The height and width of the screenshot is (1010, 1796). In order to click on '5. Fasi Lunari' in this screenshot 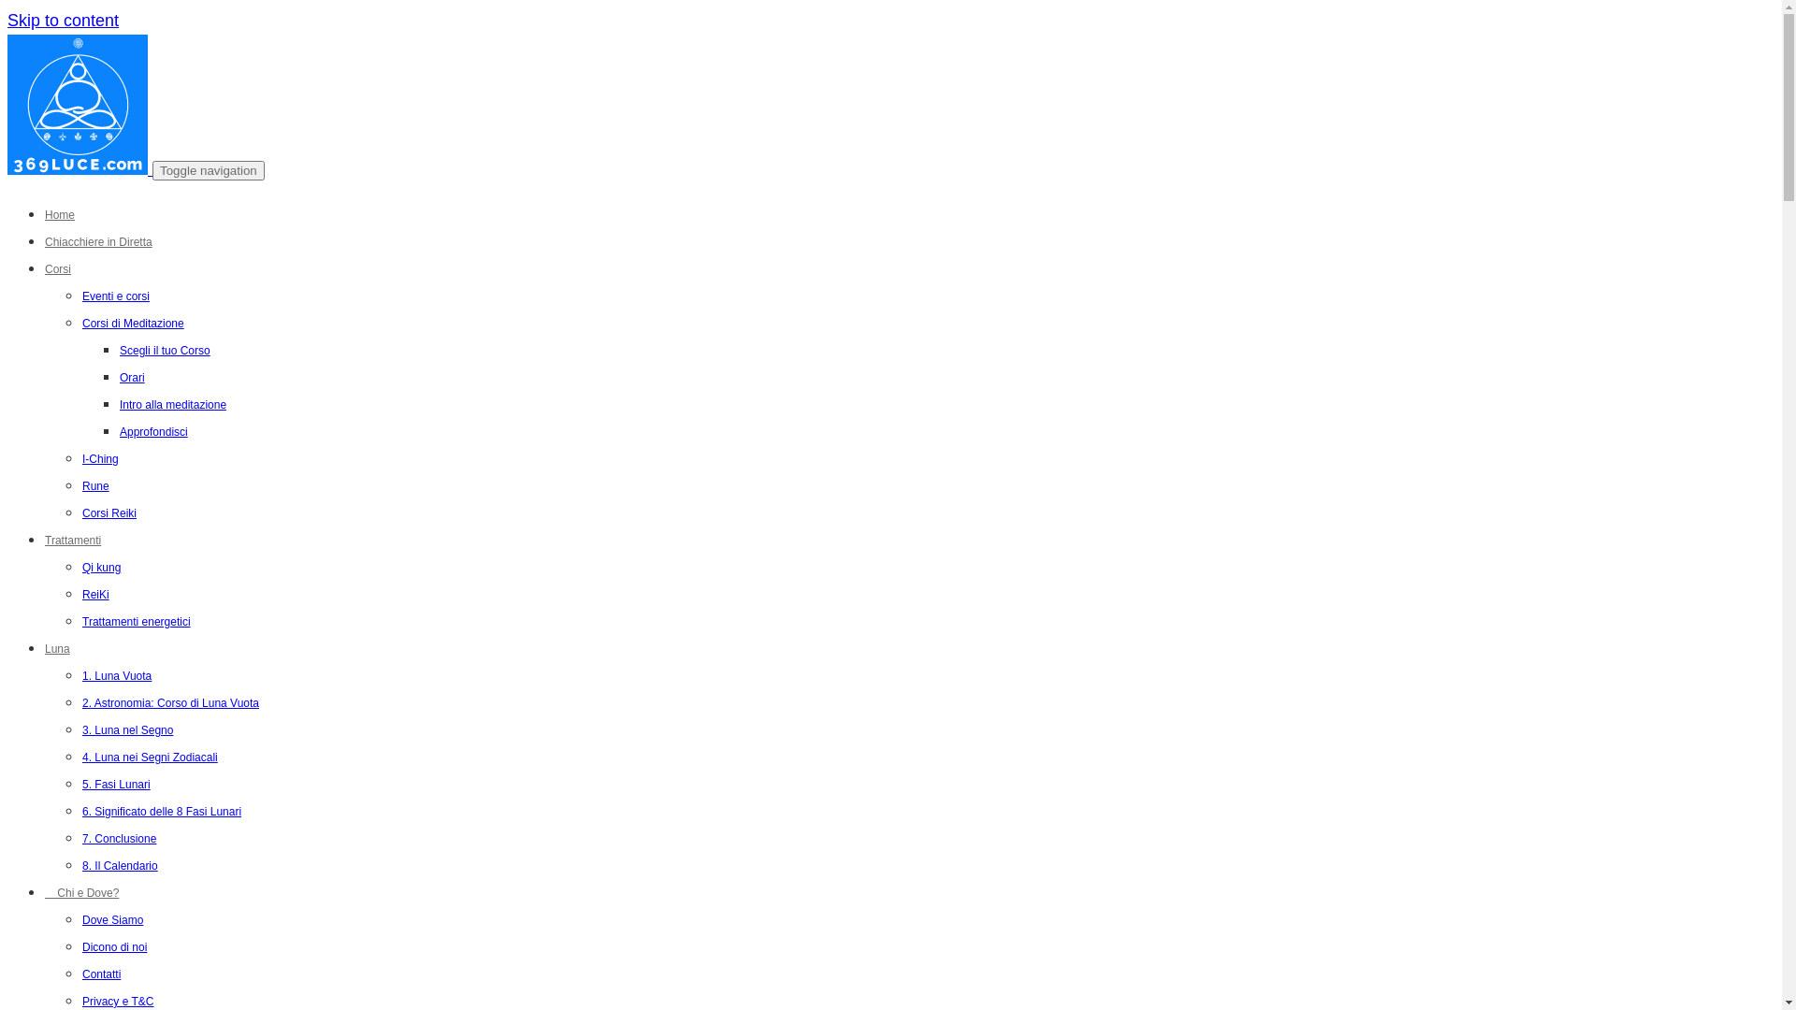, I will do `click(115, 785)`.